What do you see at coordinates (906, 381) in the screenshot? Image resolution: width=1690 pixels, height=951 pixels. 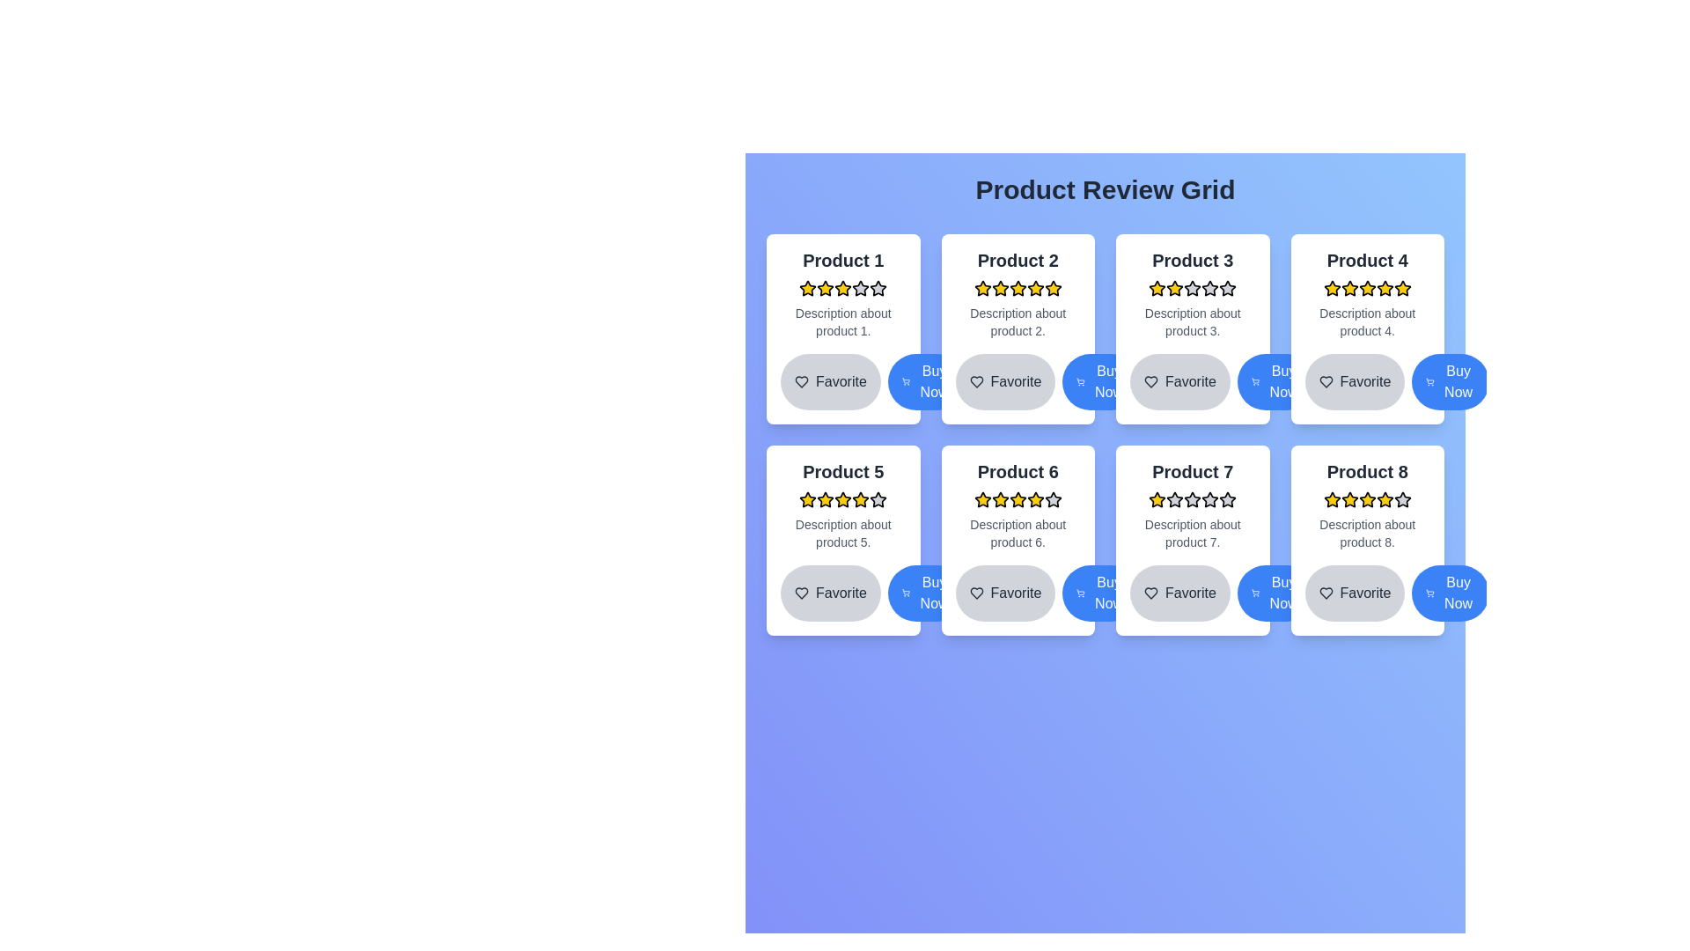 I see `the cart icon located to the left of the 'Buy Now' button beneath the 'Product 2' card in the top row of the grid layout` at bounding box center [906, 381].